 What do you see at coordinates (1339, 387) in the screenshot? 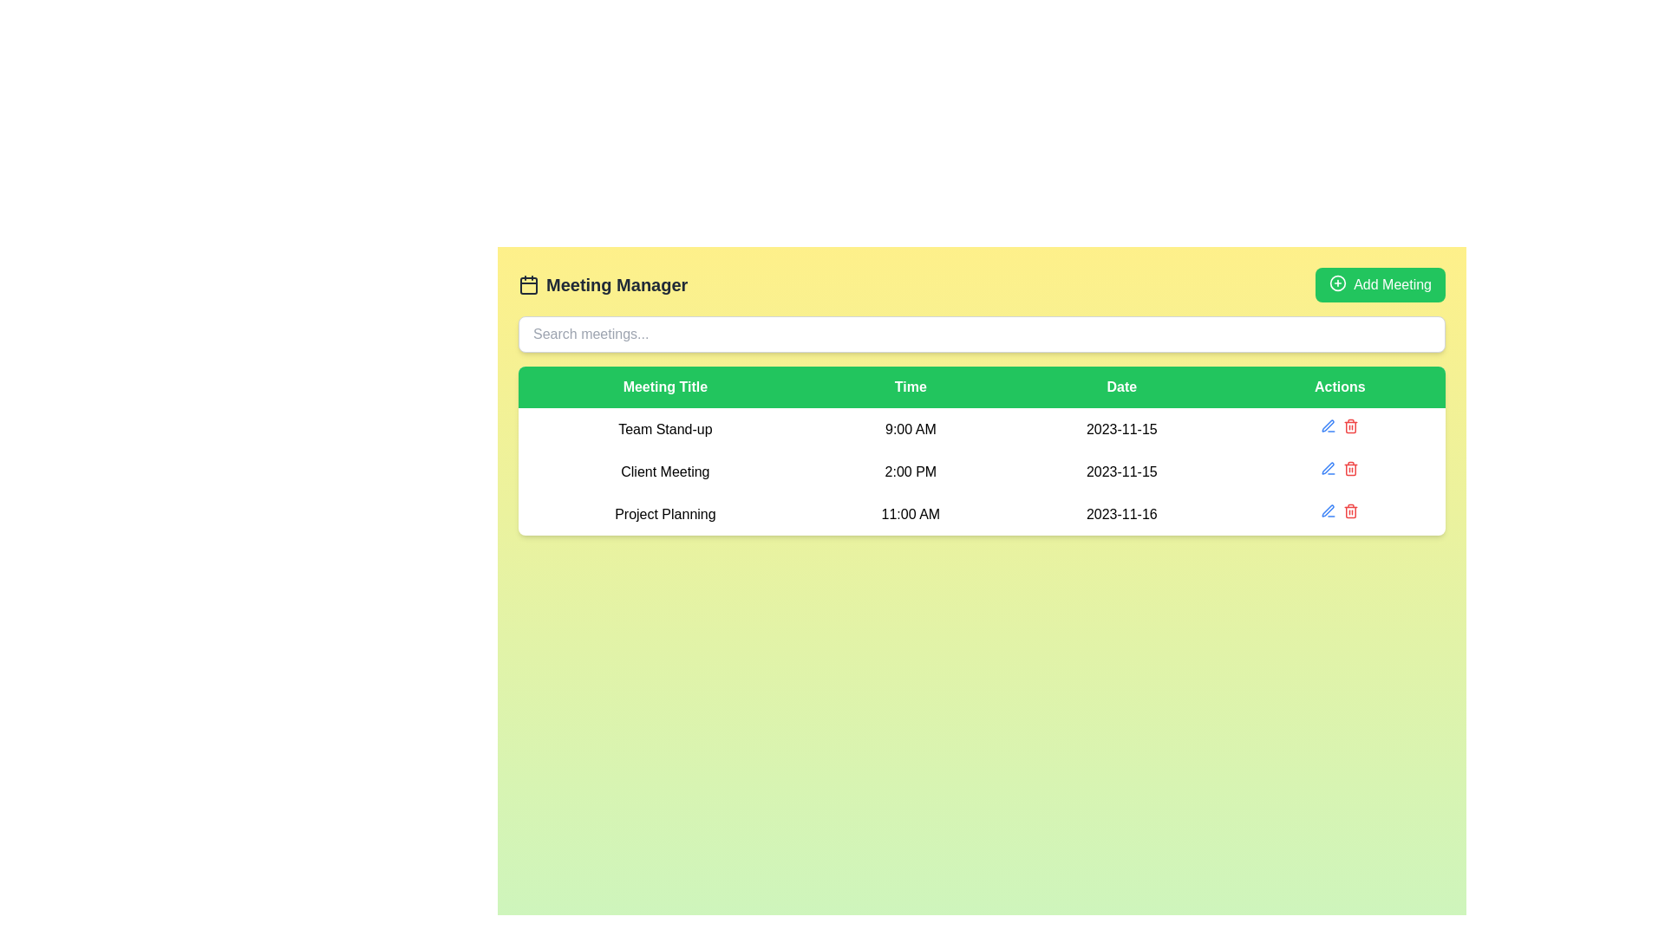
I see `the 'Actions' text label in the table header, which is styled with a green background and white text, located at the far-right side of the header row` at bounding box center [1339, 387].